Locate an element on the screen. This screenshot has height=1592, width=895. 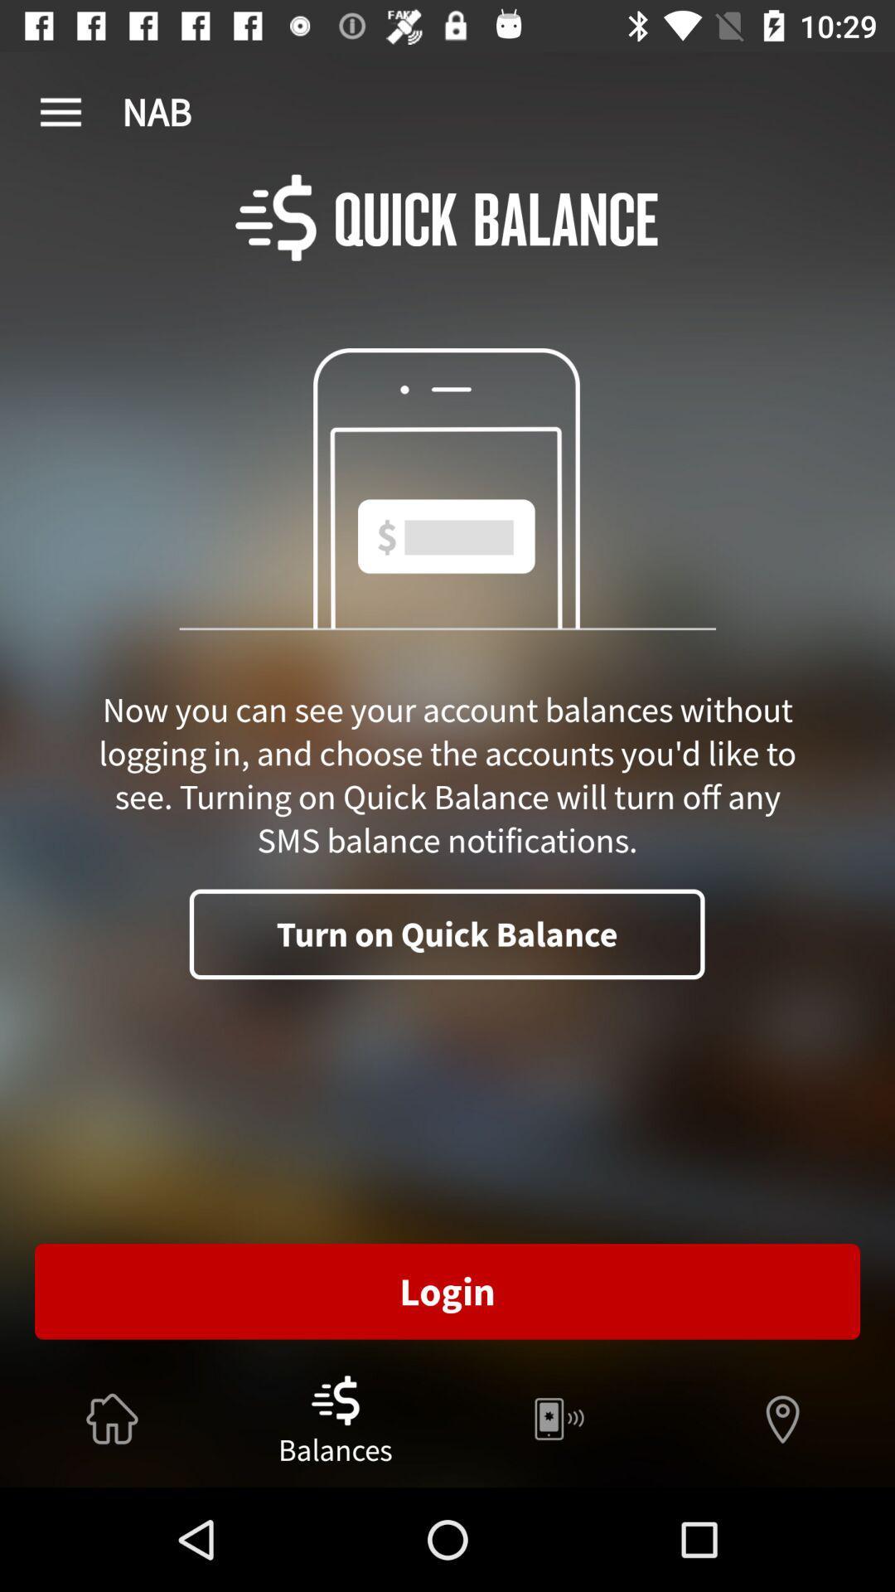
icon next to nab is located at coordinates (60, 112).